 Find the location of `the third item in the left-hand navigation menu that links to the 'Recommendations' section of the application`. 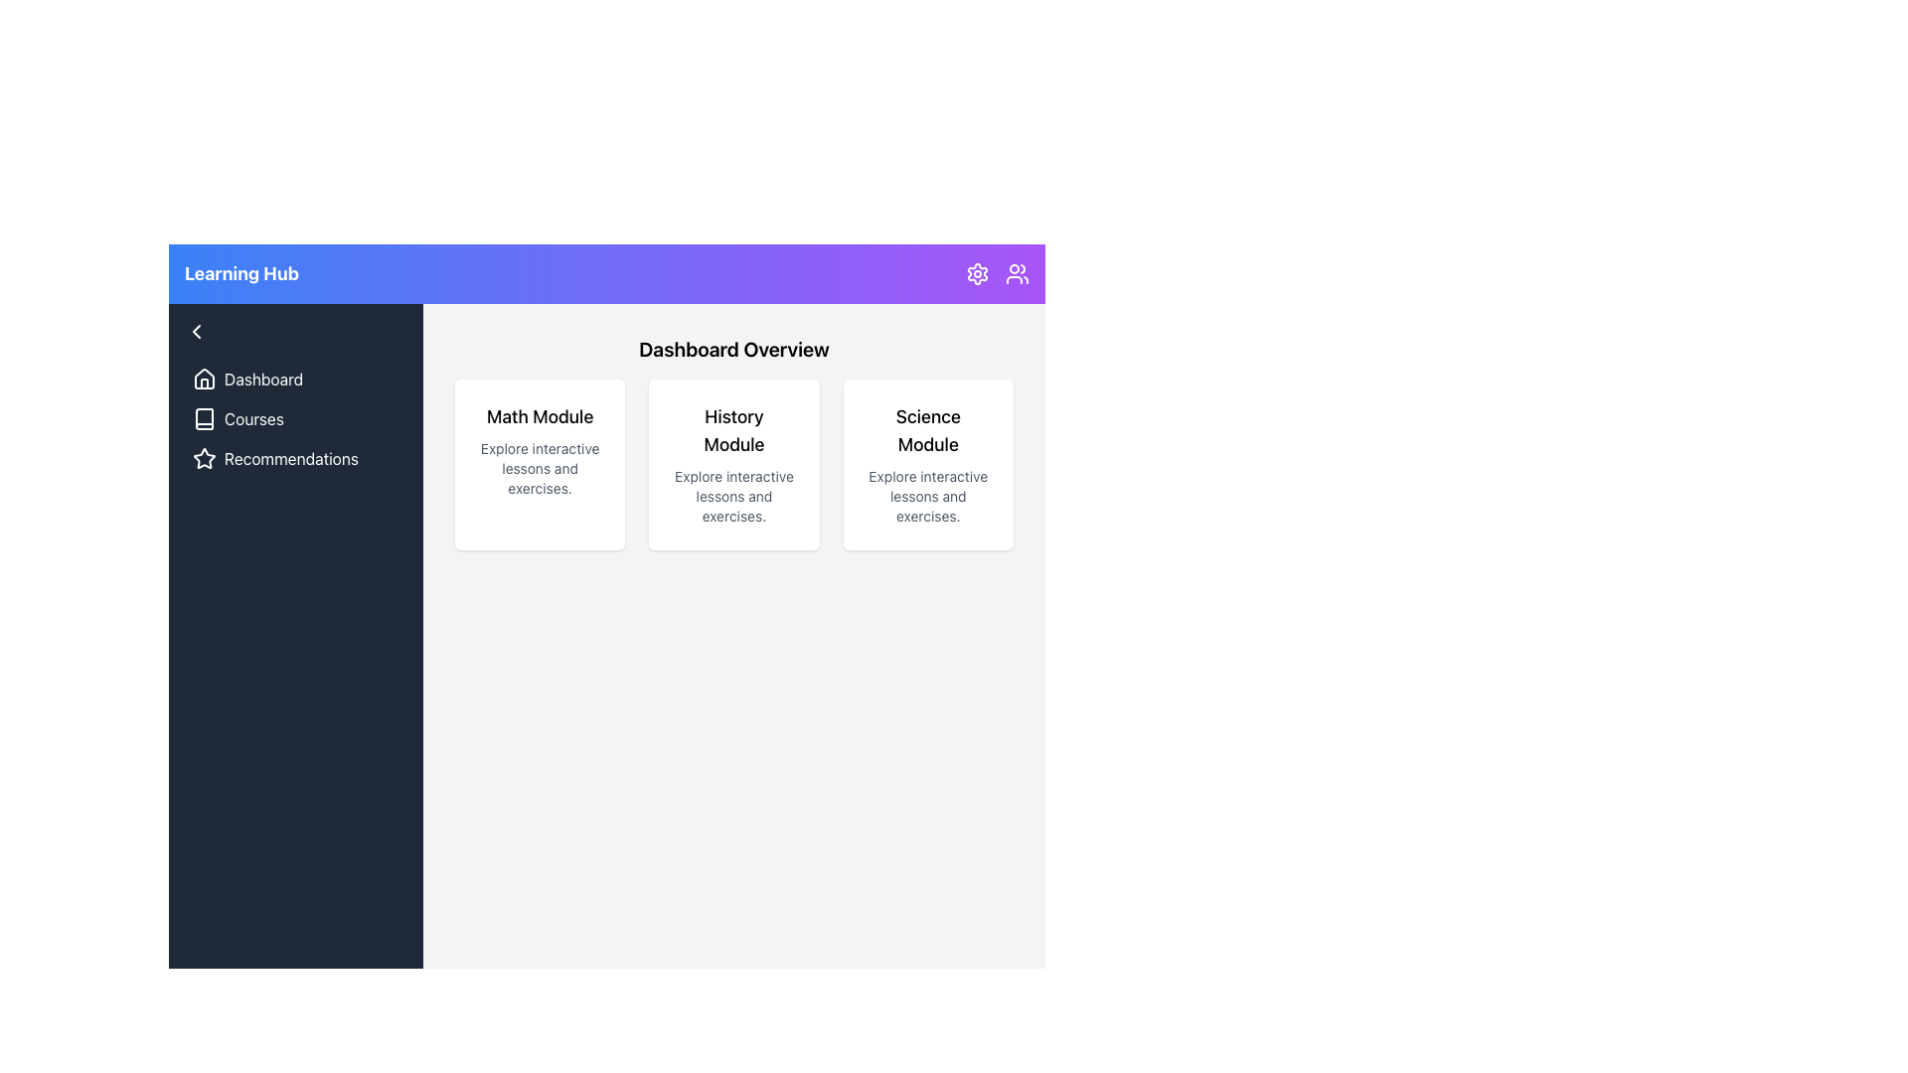

the third item in the left-hand navigation menu that links to the 'Recommendations' section of the application is located at coordinates (294, 459).